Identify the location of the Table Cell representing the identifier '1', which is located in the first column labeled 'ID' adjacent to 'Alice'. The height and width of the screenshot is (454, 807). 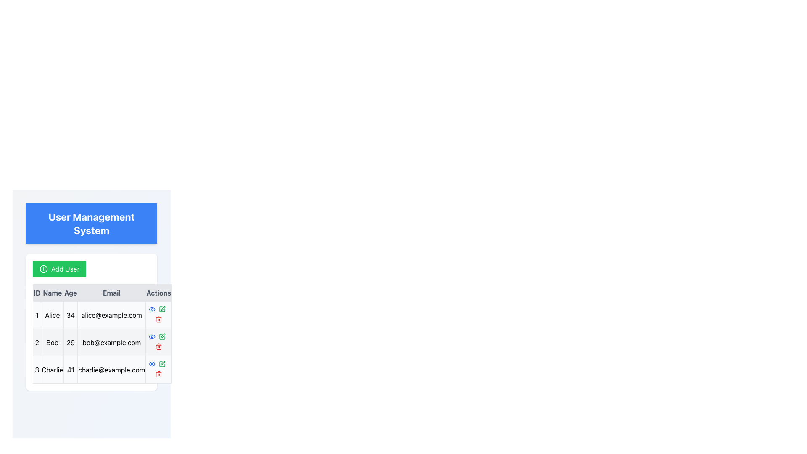
(37, 315).